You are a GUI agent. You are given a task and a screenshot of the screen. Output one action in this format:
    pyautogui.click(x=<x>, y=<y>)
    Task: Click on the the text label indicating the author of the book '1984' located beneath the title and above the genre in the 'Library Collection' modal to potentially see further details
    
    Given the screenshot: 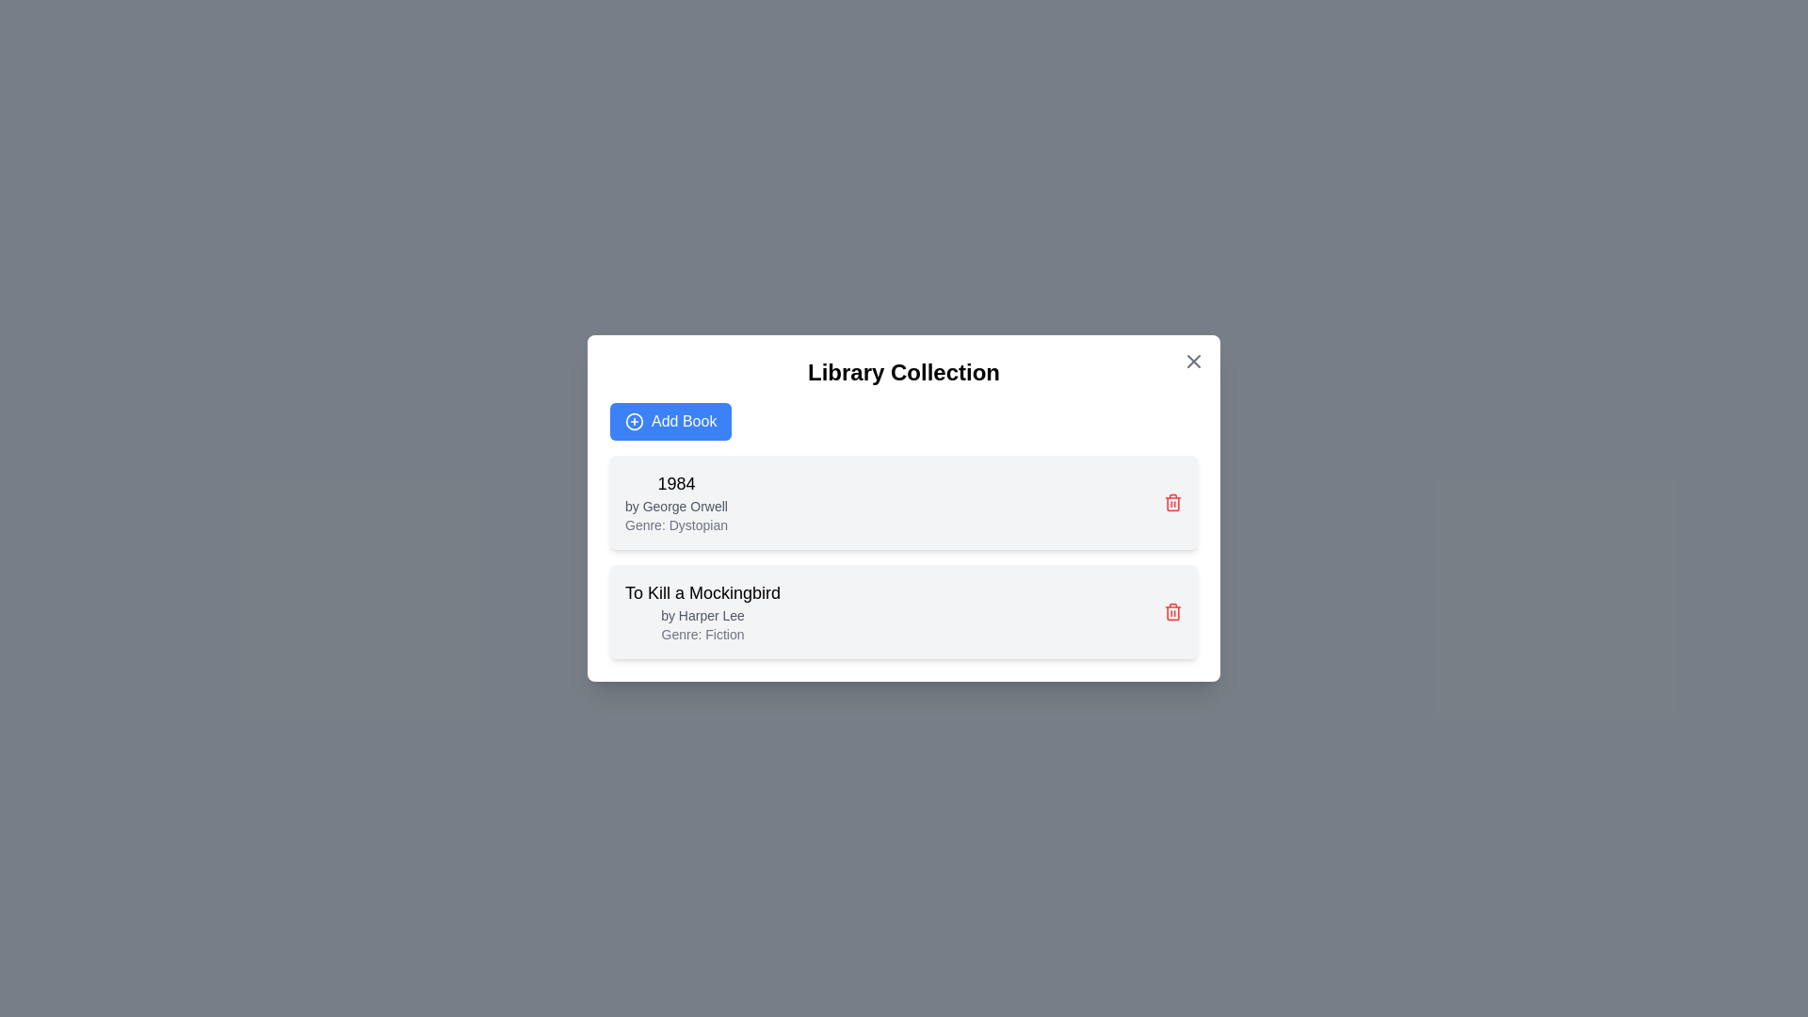 What is the action you would take?
    pyautogui.click(x=676, y=505)
    